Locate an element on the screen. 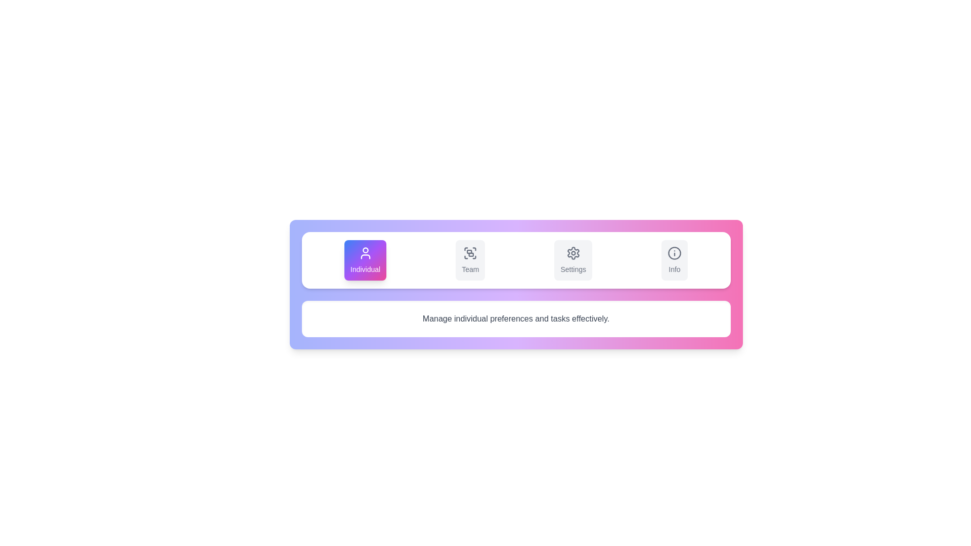 The height and width of the screenshot is (546, 971). the graphical circle element representing individual user settings in the menu's top left quadrant is located at coordinates (365, 250).